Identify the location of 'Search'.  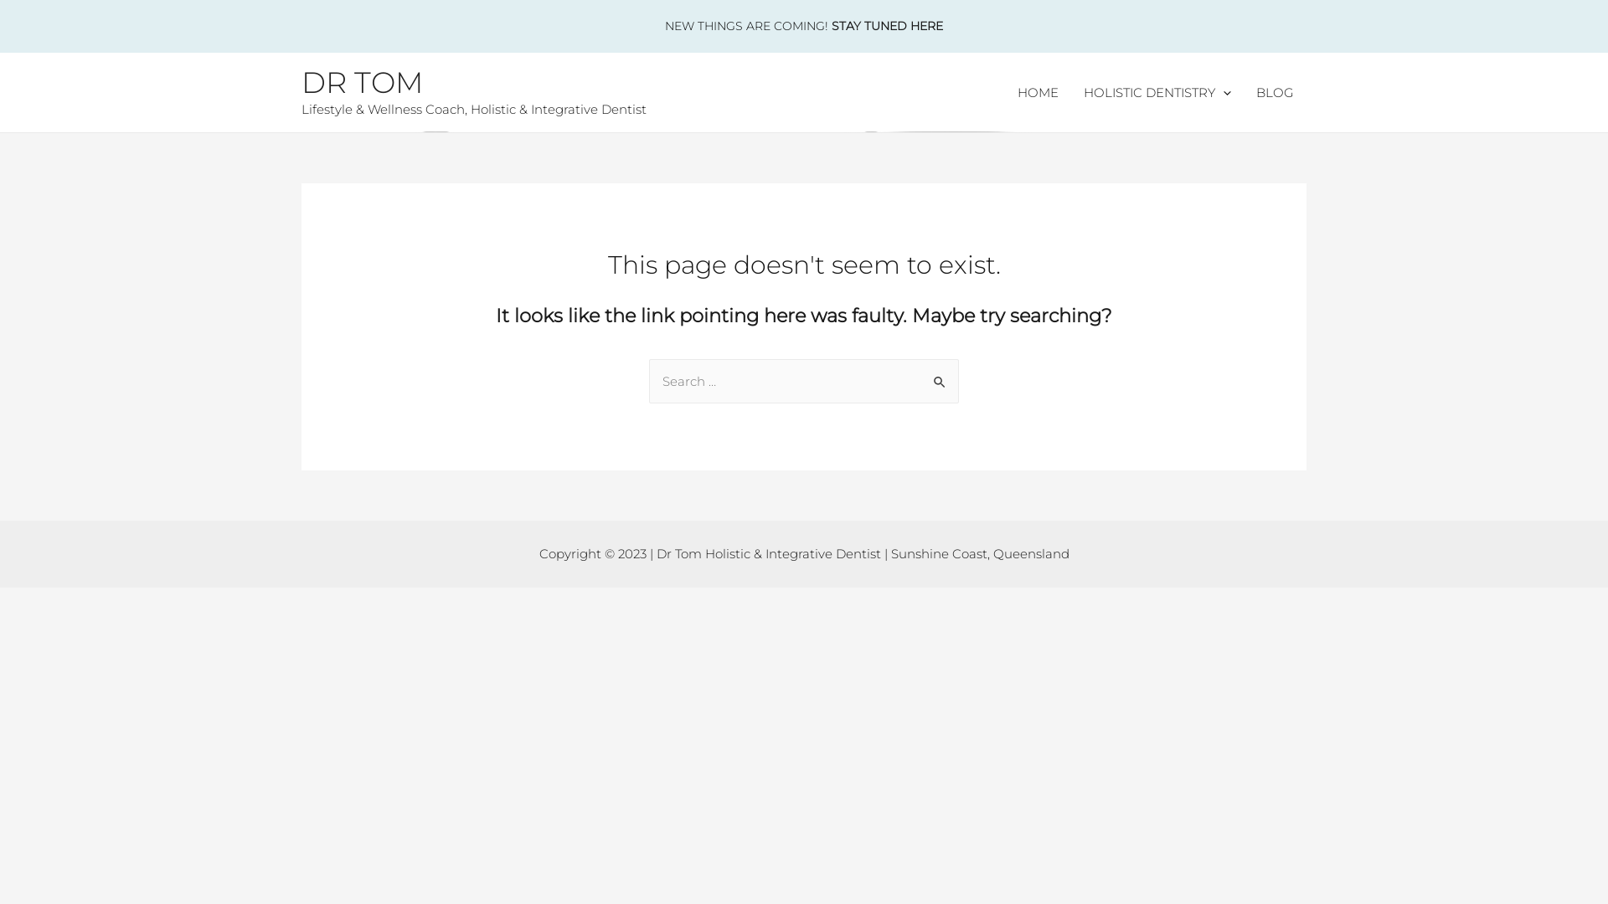
(920, 375).